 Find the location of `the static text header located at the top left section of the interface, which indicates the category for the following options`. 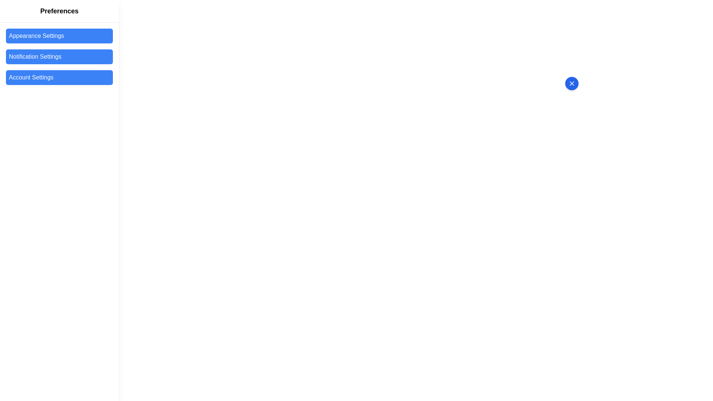

the static text header located at the top left section of the interface, which indicates the category for the following options is located at coordinates (59, 11).